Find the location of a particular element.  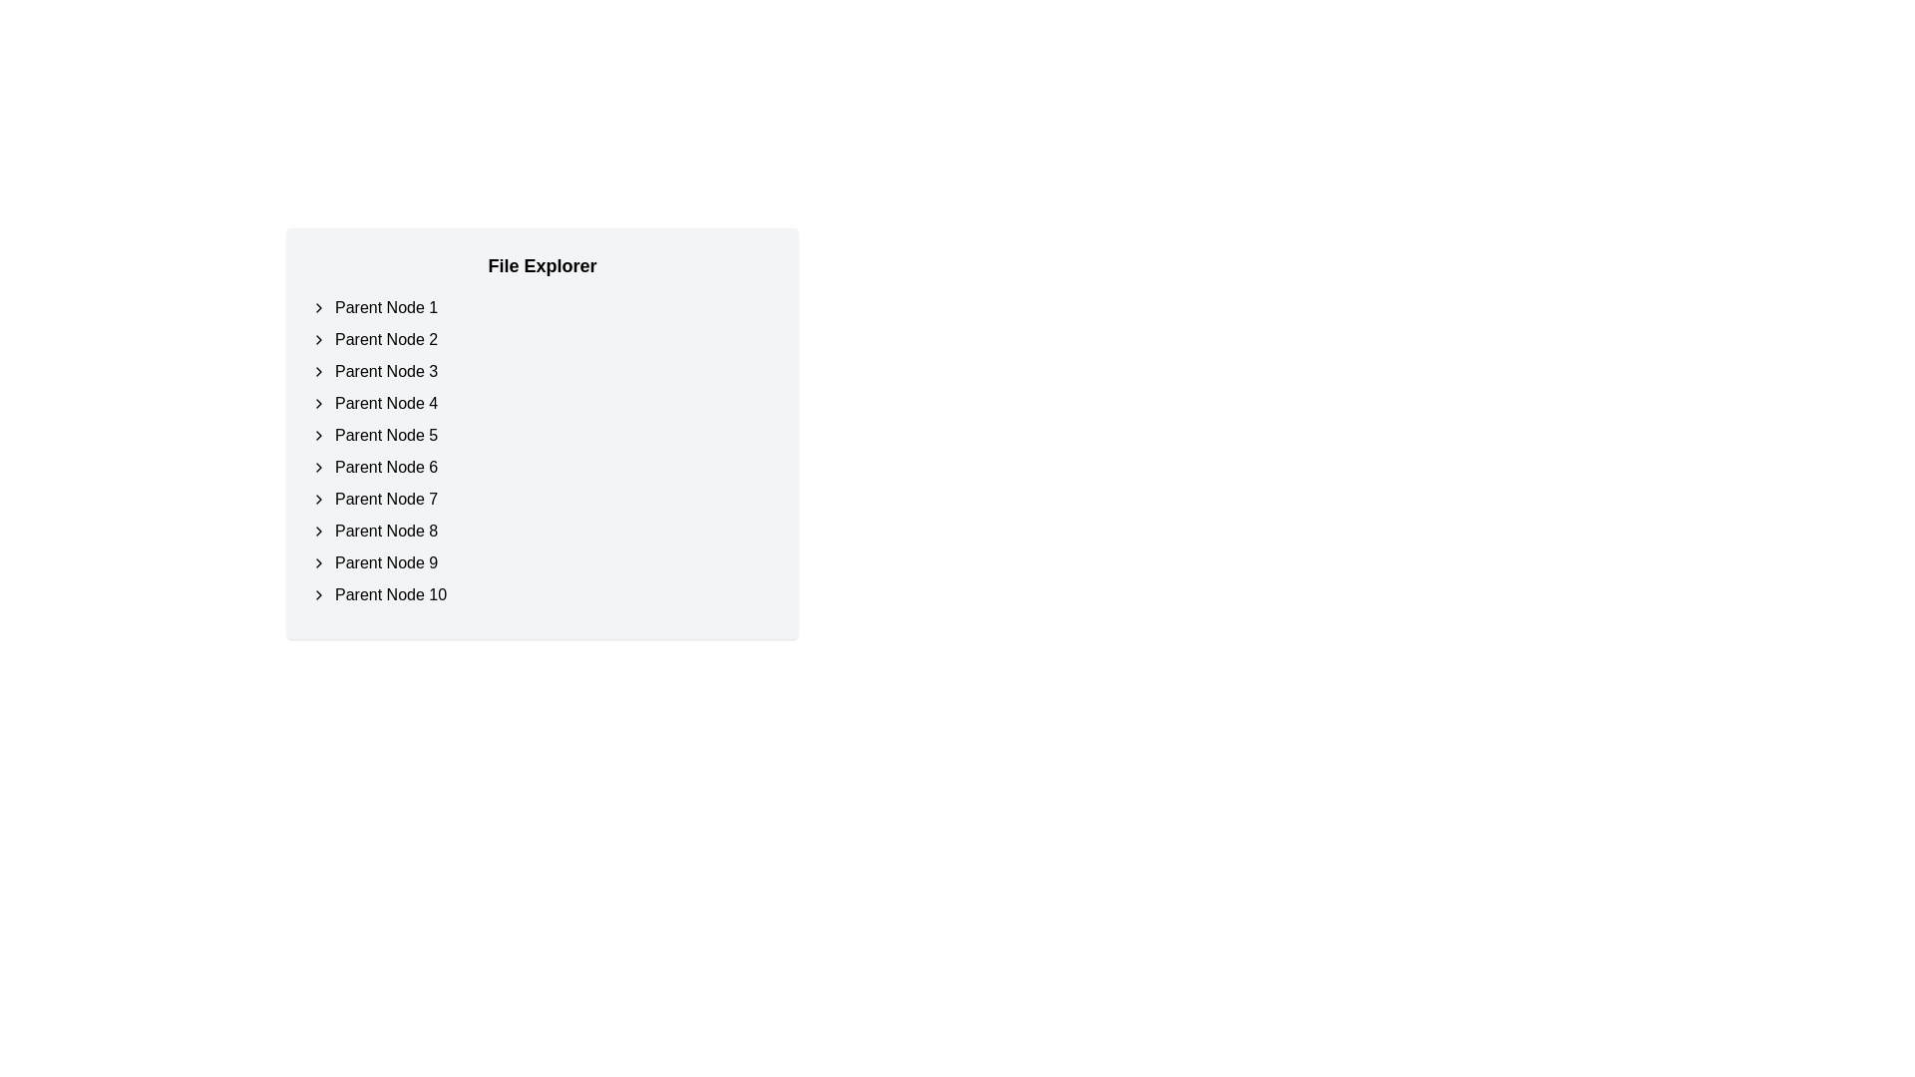

the text label for the fifth item in the 'File Explorer' list, which serves as a label for a tree node and is positioned to the right of the expandable/collapsible icon is located at coordinates (386, 434).